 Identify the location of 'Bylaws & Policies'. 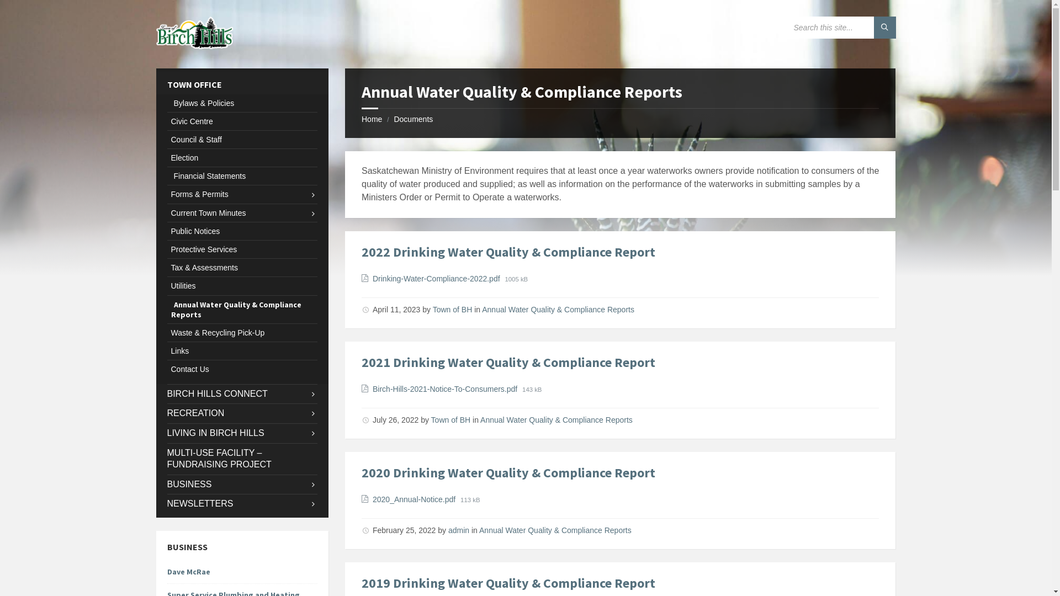
(241, 103).